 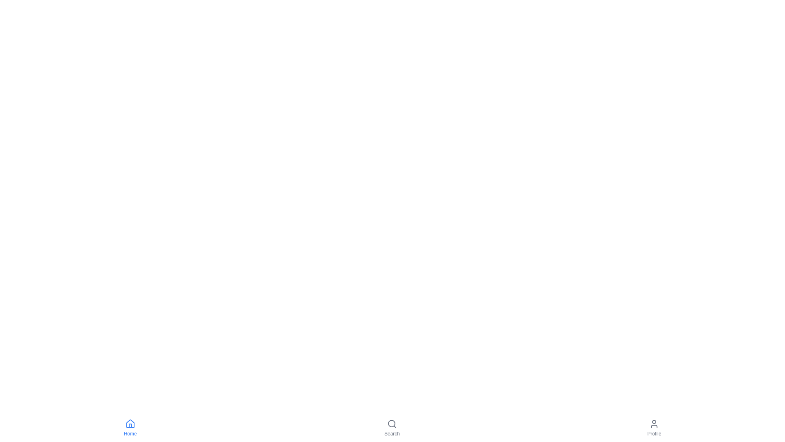 What do you see at coordinates (653, 427) in the screenshot?
I see `the Profile navigation button located in the bottom navigation bar, which is the third element from the left` at bounding box center [653, 427].